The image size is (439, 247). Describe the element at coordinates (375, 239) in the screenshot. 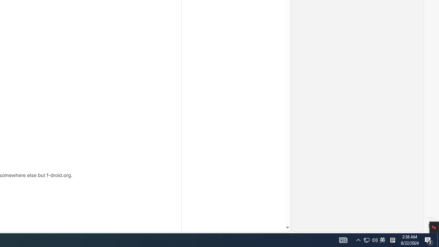

I see `'Notification Chevron'` at that location.